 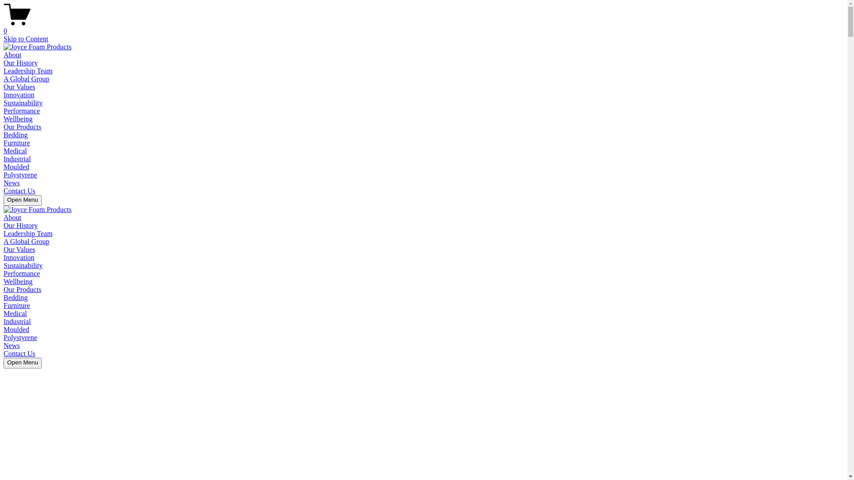 What do you see at coordinates (23, 102) in the screenshot?
I see `'Sustainability'` at bounding box center [23, 102].